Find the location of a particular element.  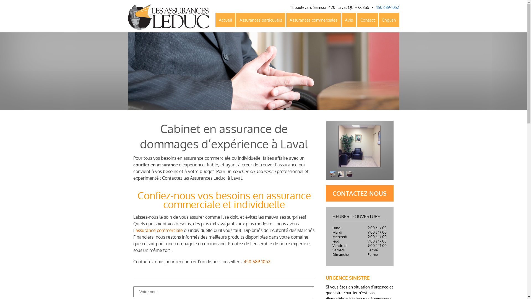

'assurance commerciale' is located at coordinates (159, 230).